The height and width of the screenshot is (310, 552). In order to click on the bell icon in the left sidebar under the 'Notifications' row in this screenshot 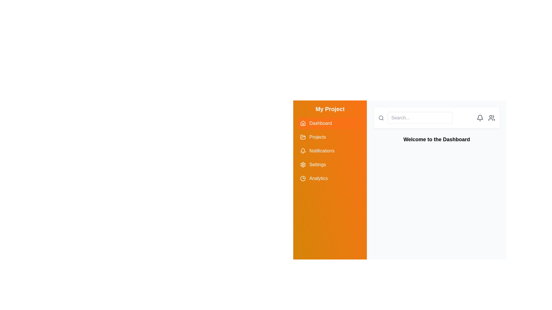, I will do `click(303, 150)`.